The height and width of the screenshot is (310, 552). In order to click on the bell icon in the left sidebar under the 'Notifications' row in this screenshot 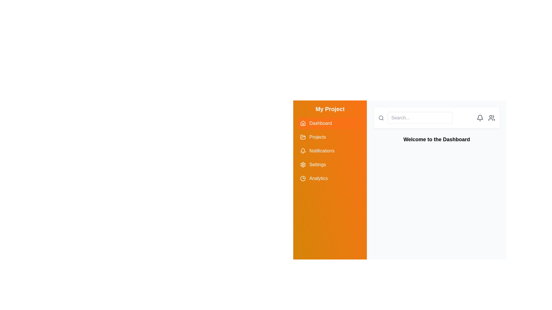, I will do `click(303, 150)`.